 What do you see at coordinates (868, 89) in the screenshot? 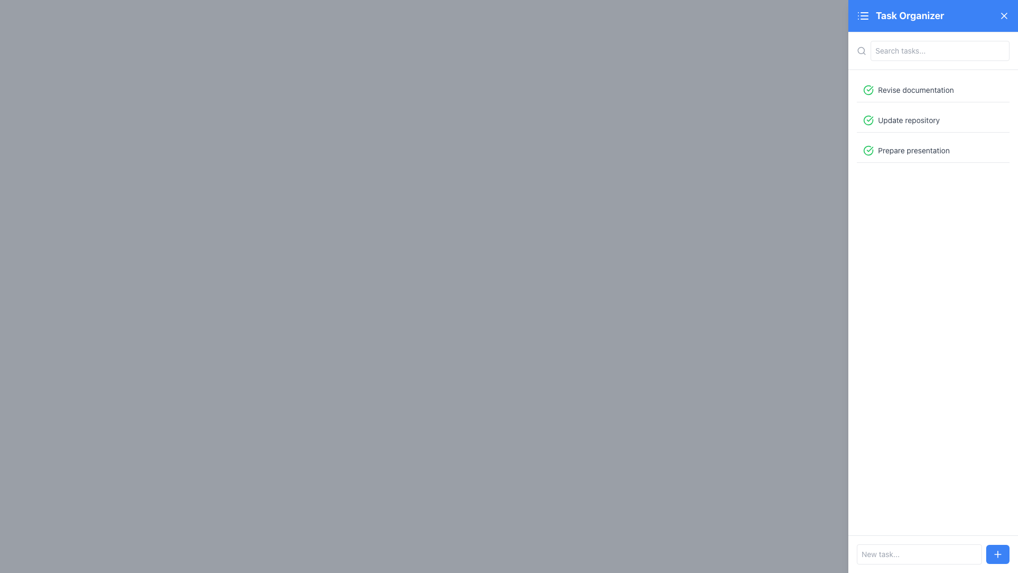
I see `the task completion indicator icon located` at bounding box center [868, 89].